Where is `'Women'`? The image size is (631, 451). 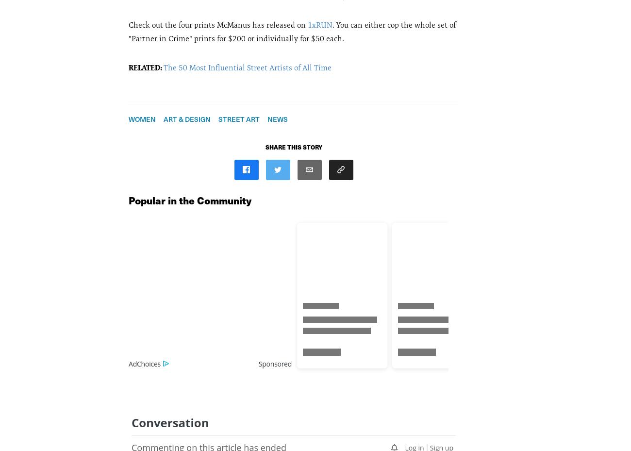 'Women' is located at coordinates (142, 118).